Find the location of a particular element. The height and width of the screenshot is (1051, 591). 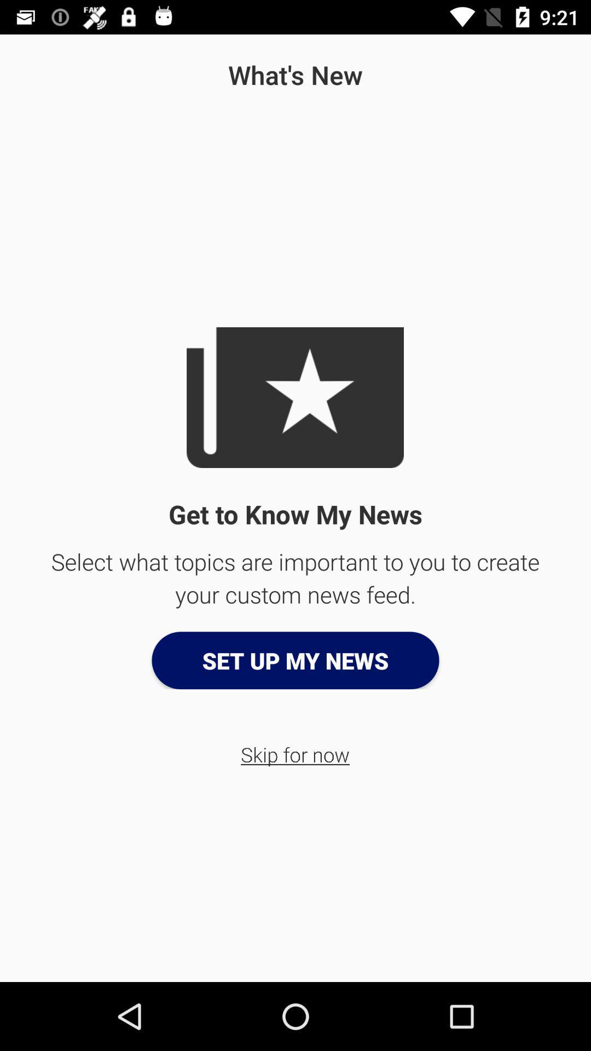

the set up my is located at coordinates (296, 660).